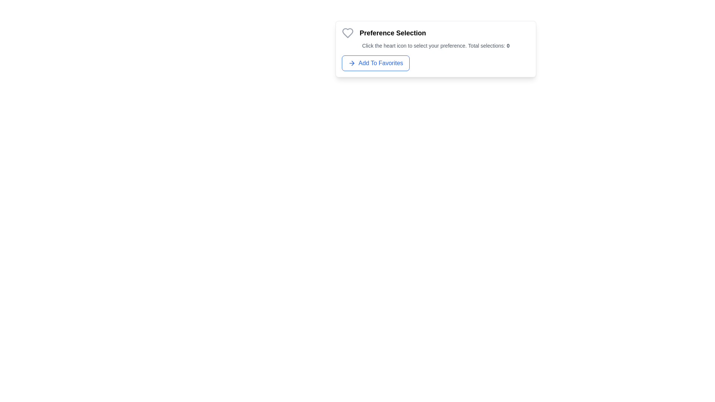 This screenshot has width=715, height=402. I want to click on the 'Add To Favorites' button which contains the arrow icon styled with class 'lucide lucide-arrow-right mr-2 h-5 w-5', so click(351, 63).